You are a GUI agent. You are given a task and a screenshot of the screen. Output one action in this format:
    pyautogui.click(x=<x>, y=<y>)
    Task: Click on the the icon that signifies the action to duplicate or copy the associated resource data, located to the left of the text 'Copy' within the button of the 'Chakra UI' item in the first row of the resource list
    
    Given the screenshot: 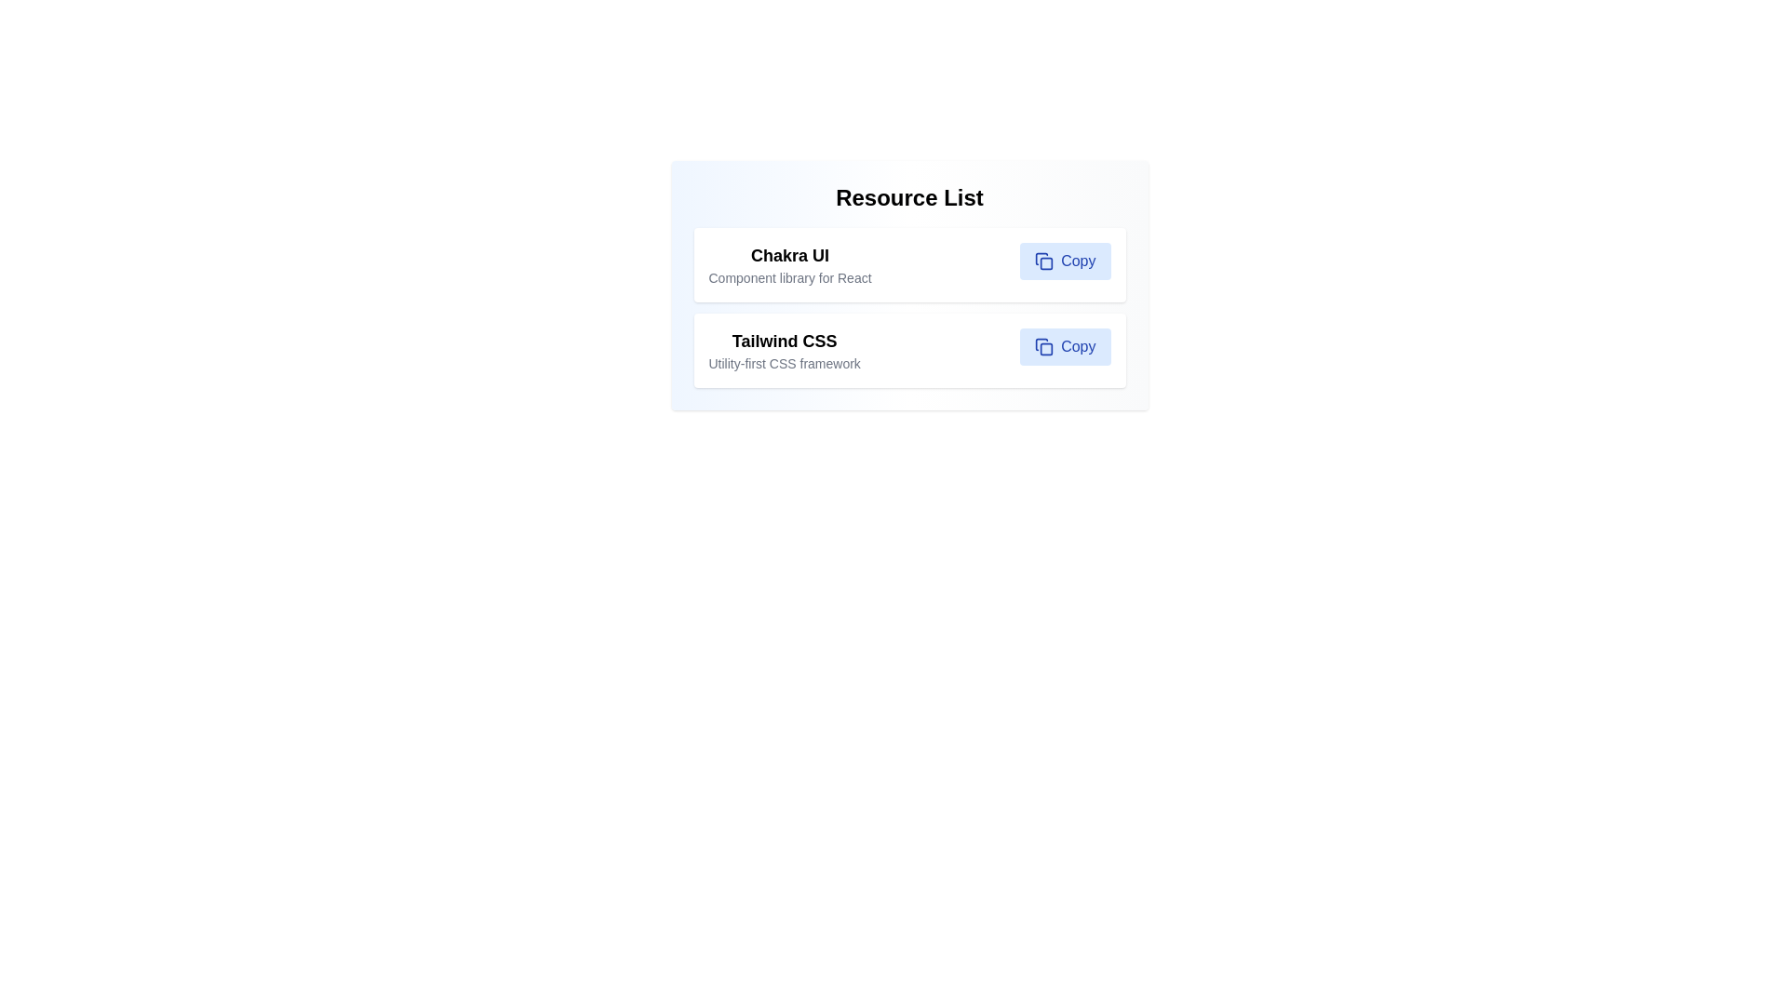 What is the action you would take?
    pyautogui.click(x=1044, y=261)
    